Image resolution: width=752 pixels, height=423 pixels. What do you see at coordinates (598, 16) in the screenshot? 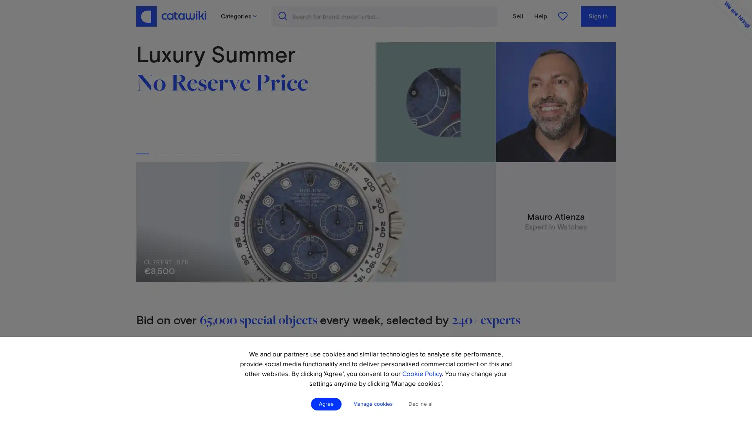
I see `Sign in` at bounding box center [598, 16].